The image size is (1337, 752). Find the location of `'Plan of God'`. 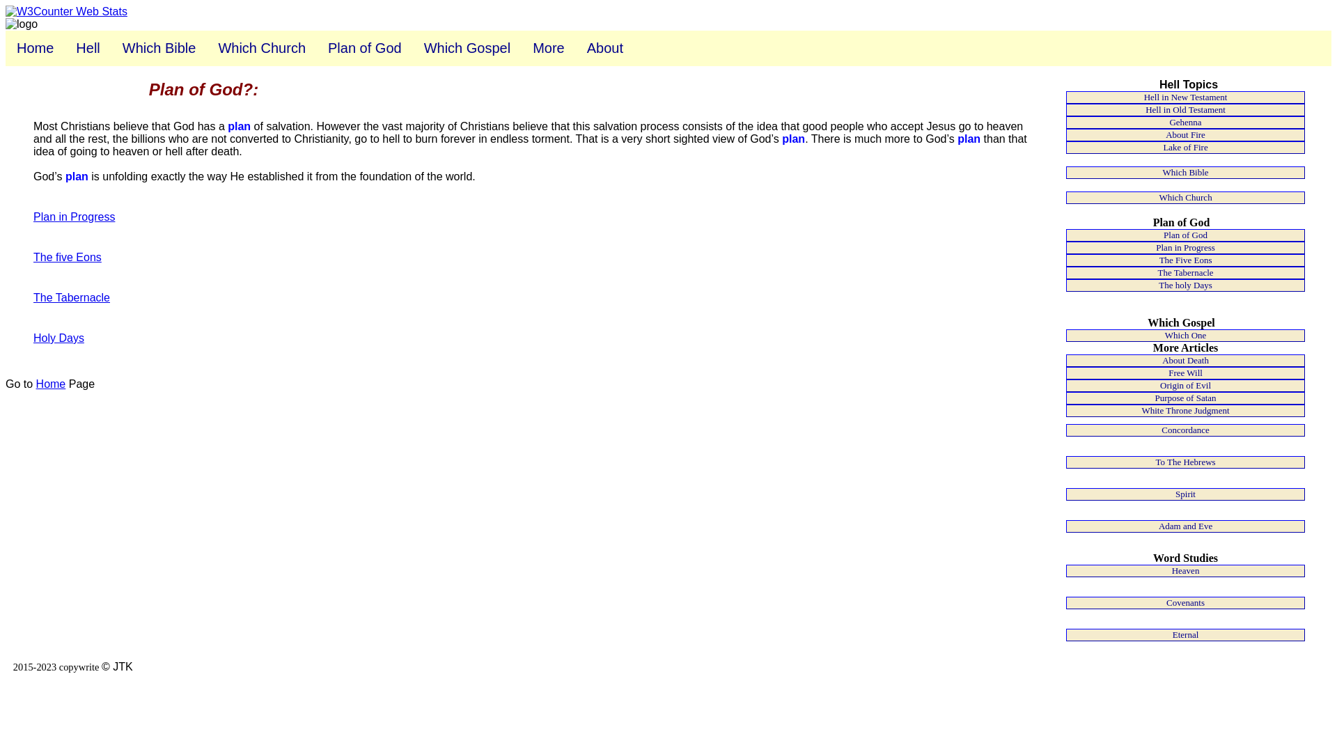

'Plan of God' is located at coordinates (1065, 235).